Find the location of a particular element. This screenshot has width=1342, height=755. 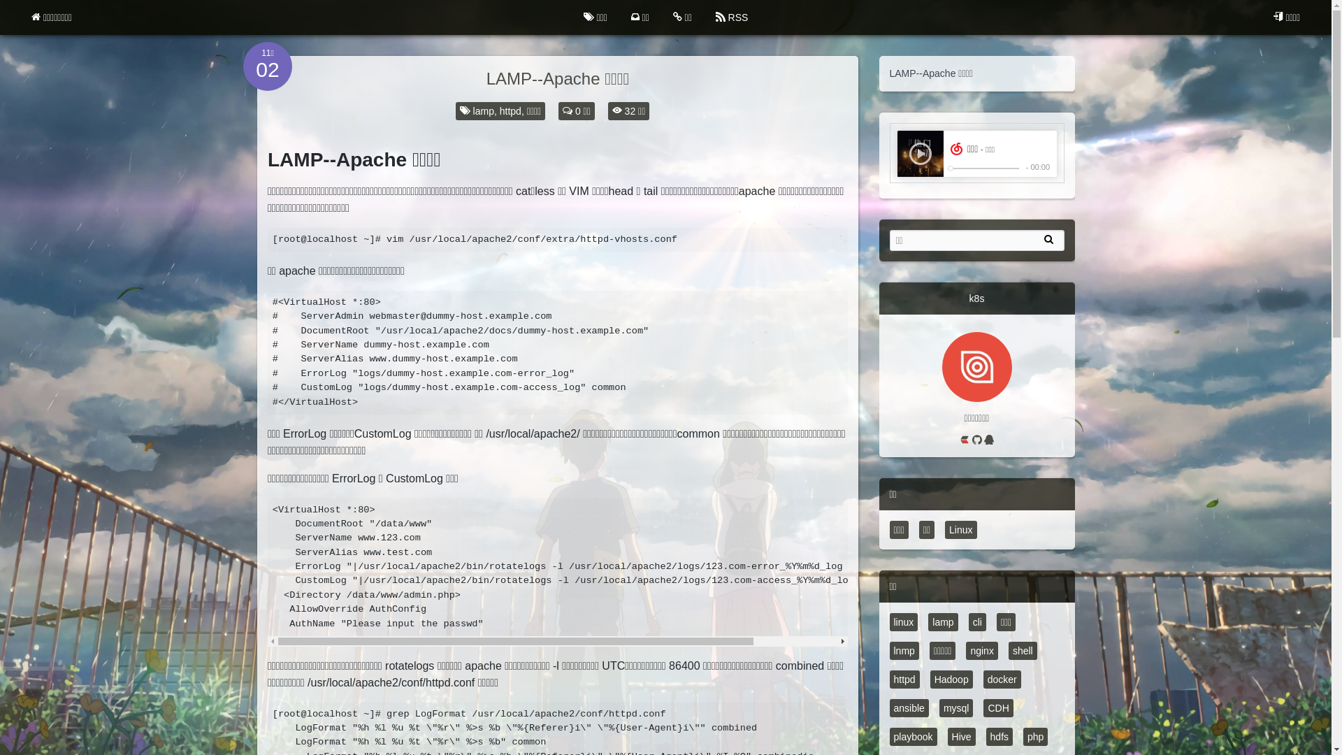

'lamp' is located at coordinates (483, 110).